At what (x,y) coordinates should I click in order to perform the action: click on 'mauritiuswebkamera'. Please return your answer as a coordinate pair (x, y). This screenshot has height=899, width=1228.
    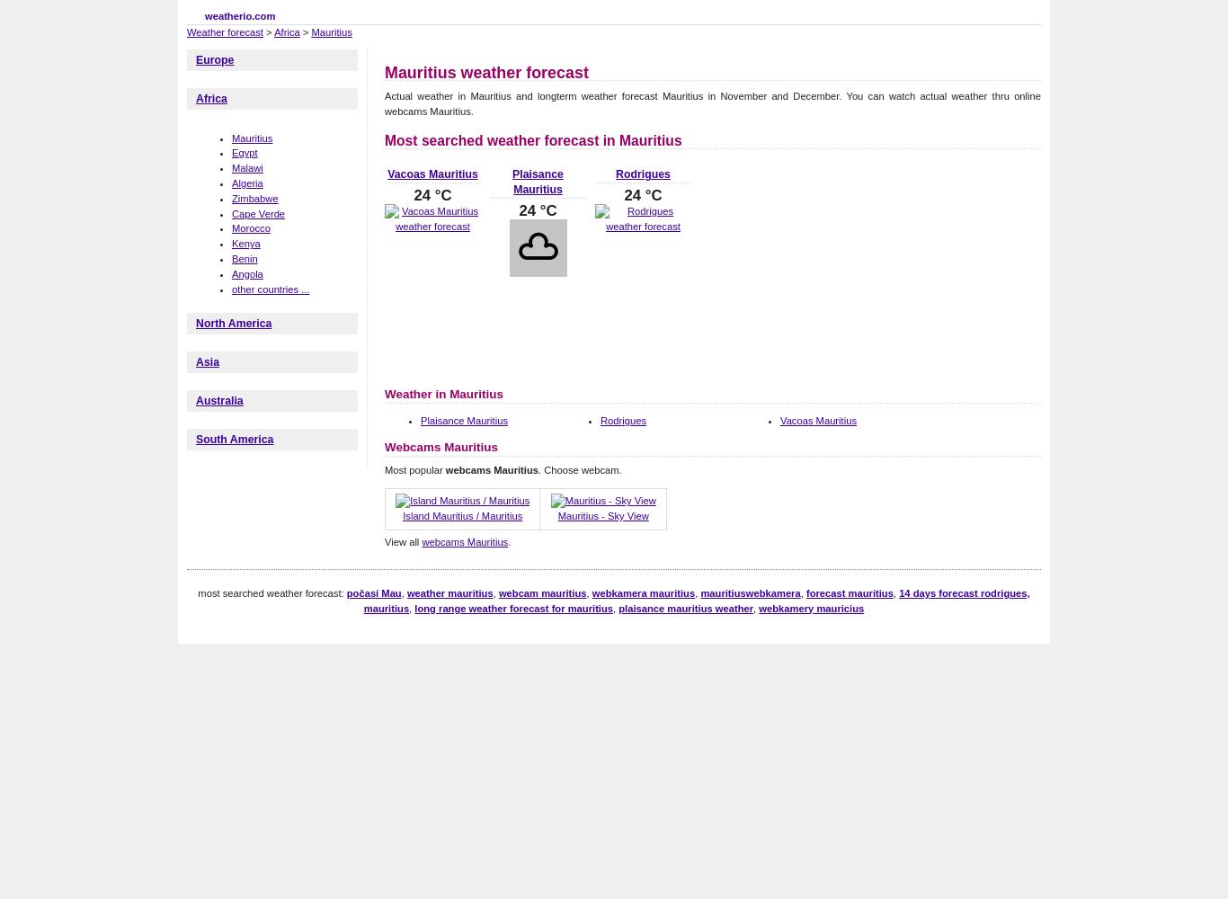
    Looking at the image, I should click on (700, 592).